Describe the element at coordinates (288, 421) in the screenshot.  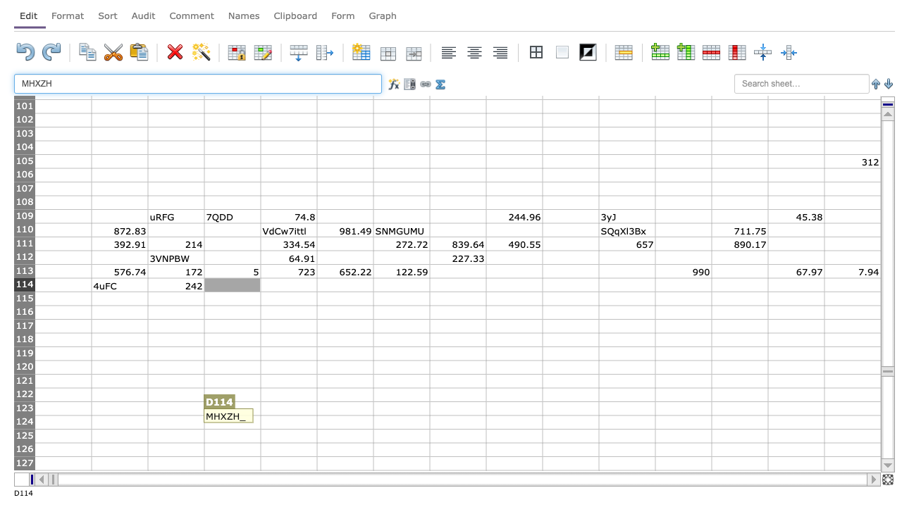
I see `E124` at that location.